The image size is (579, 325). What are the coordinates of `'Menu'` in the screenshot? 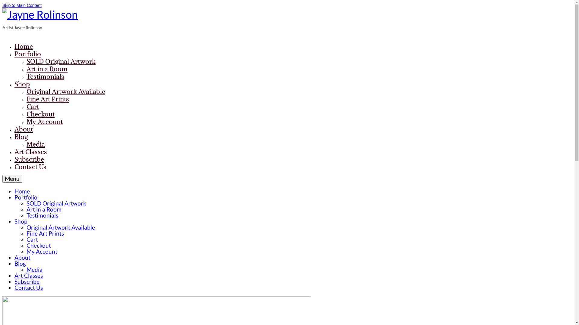 It's located at (12, 178).